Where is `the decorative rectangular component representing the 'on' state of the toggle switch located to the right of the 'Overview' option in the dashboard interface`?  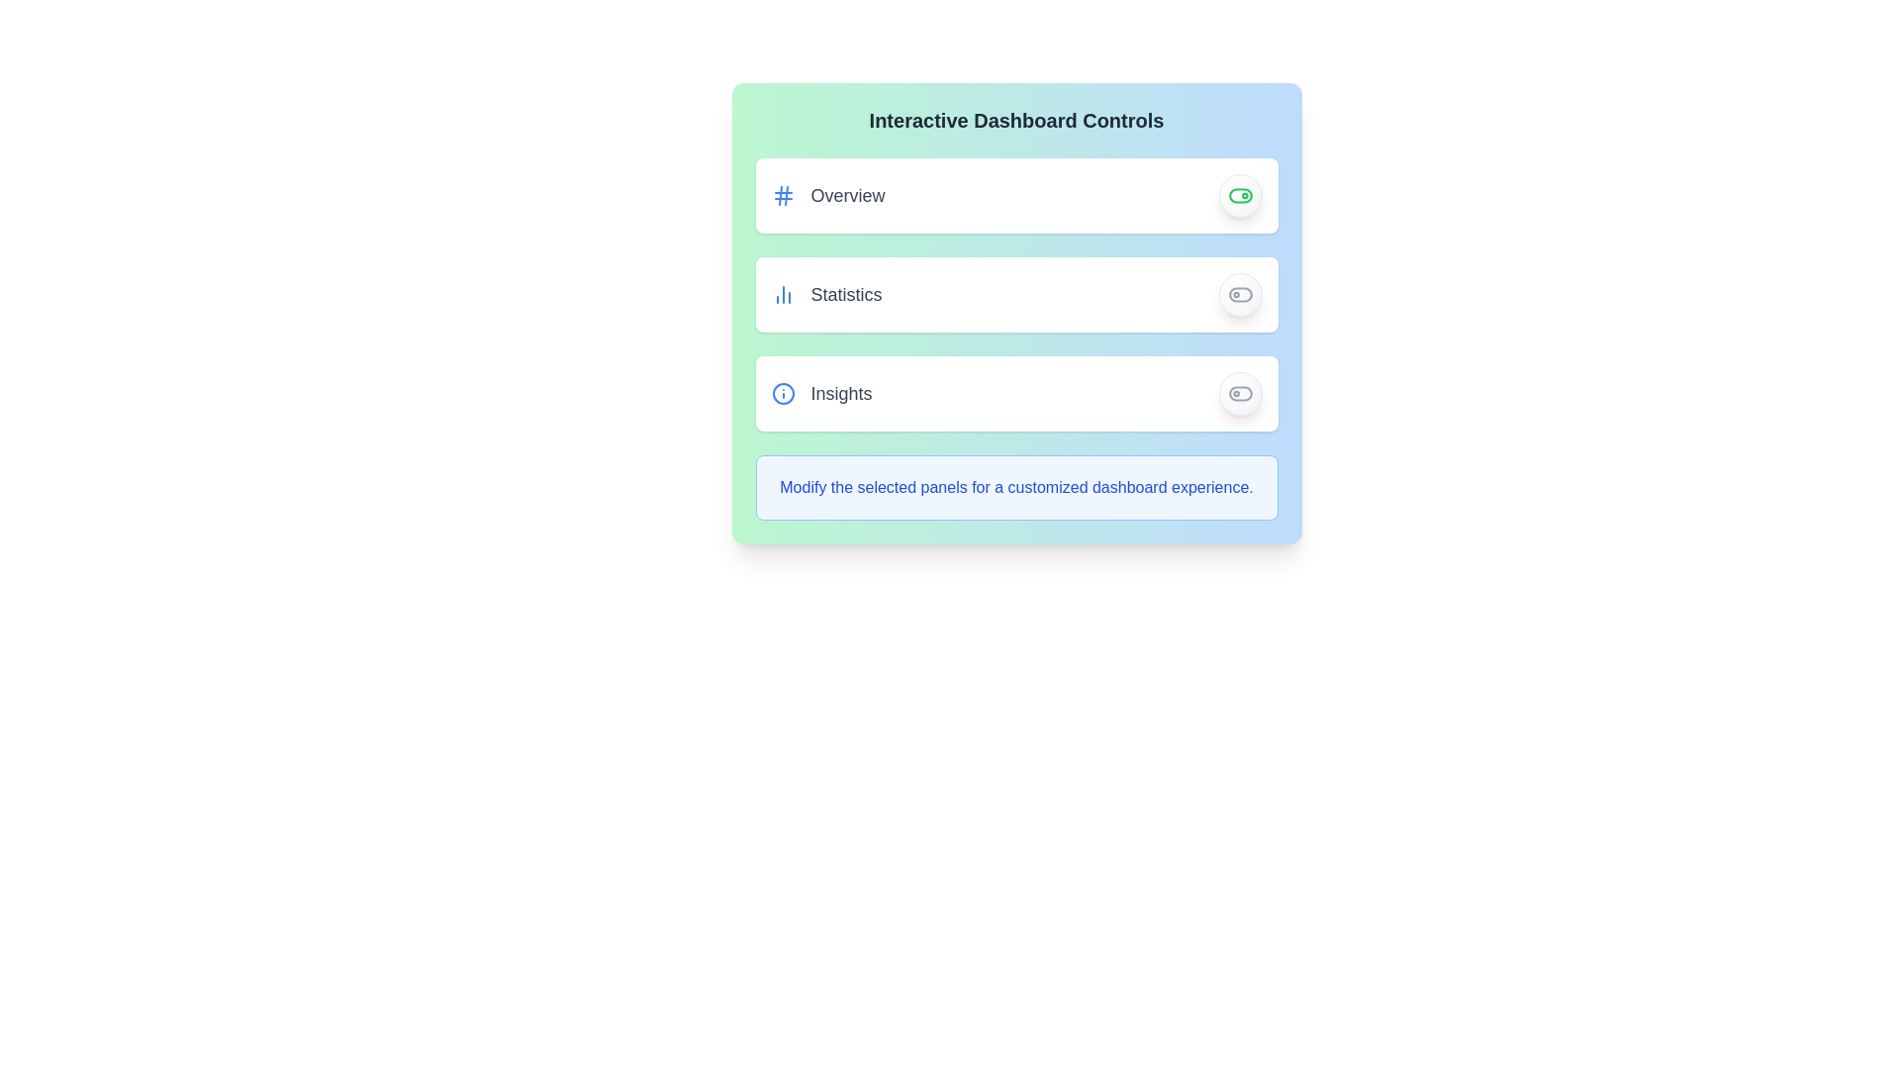 the decorative rectangular component representing the 'on' state of the toggle switch located to the right of the 'Overview' option in the dashboard interface is located at coordinates (1239, 195).